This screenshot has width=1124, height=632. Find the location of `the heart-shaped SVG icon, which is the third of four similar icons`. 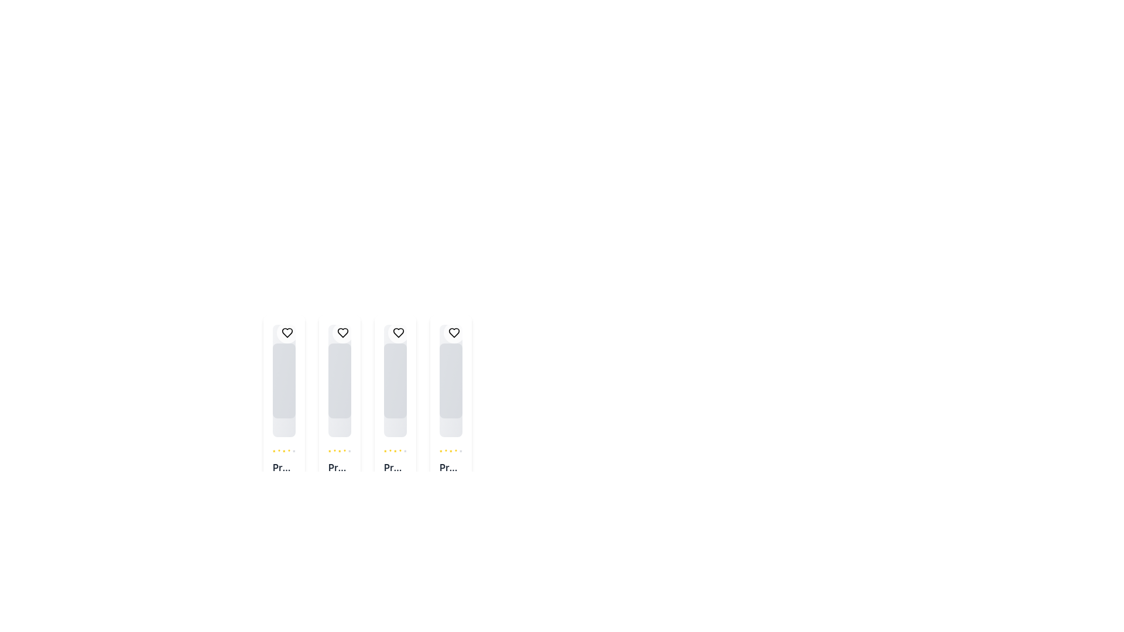

the heart-shaped SVG icon, which is the third of four similar icons is located at coordinates (399, 333).